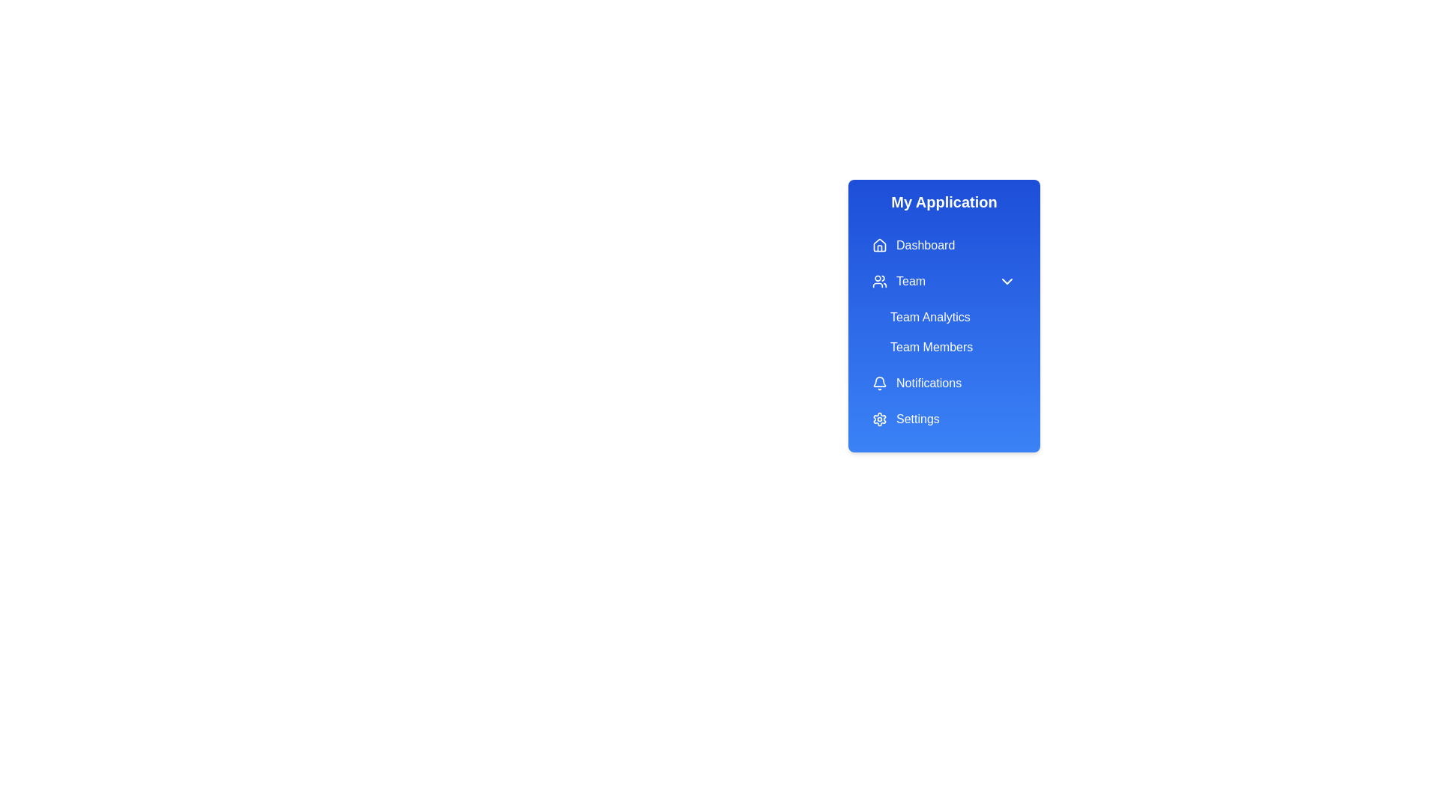 The width and height of the screenshot is (1439, 809). I want to click on the gear-shaped icon representing settings located in the navigation menu adjacent to the 'Settings' text, so click(880, 419).